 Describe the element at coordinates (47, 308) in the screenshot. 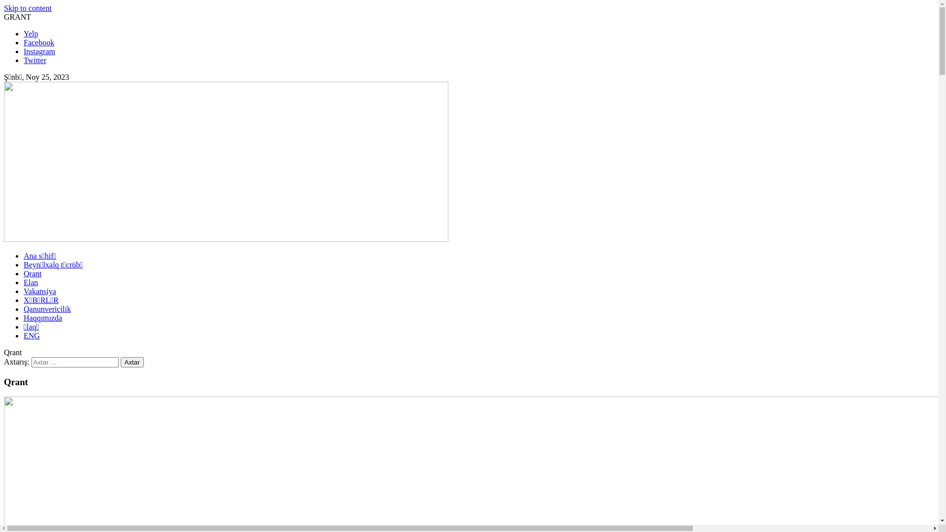

I see `'Qanunvericilik'` at that location.